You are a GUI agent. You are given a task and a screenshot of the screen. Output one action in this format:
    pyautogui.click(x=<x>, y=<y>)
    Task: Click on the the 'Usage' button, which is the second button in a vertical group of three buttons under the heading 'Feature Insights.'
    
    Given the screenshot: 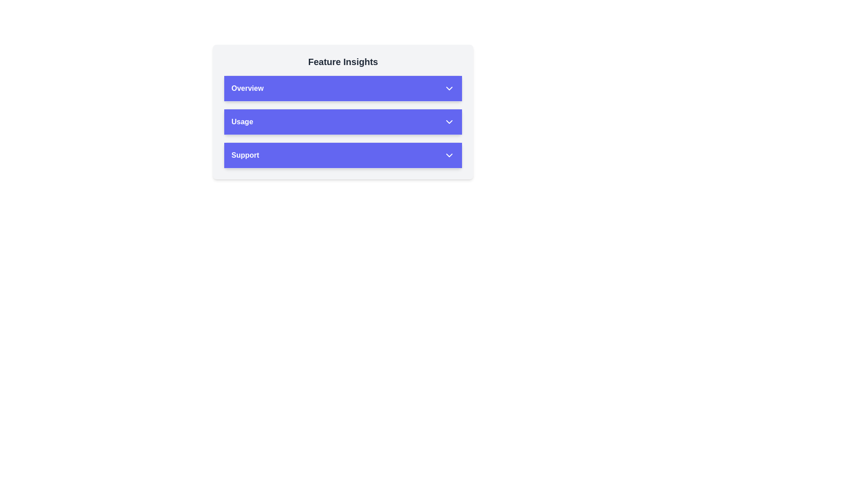 What is the action you would take?
    pyautogui.click(x=342, y=111)
    